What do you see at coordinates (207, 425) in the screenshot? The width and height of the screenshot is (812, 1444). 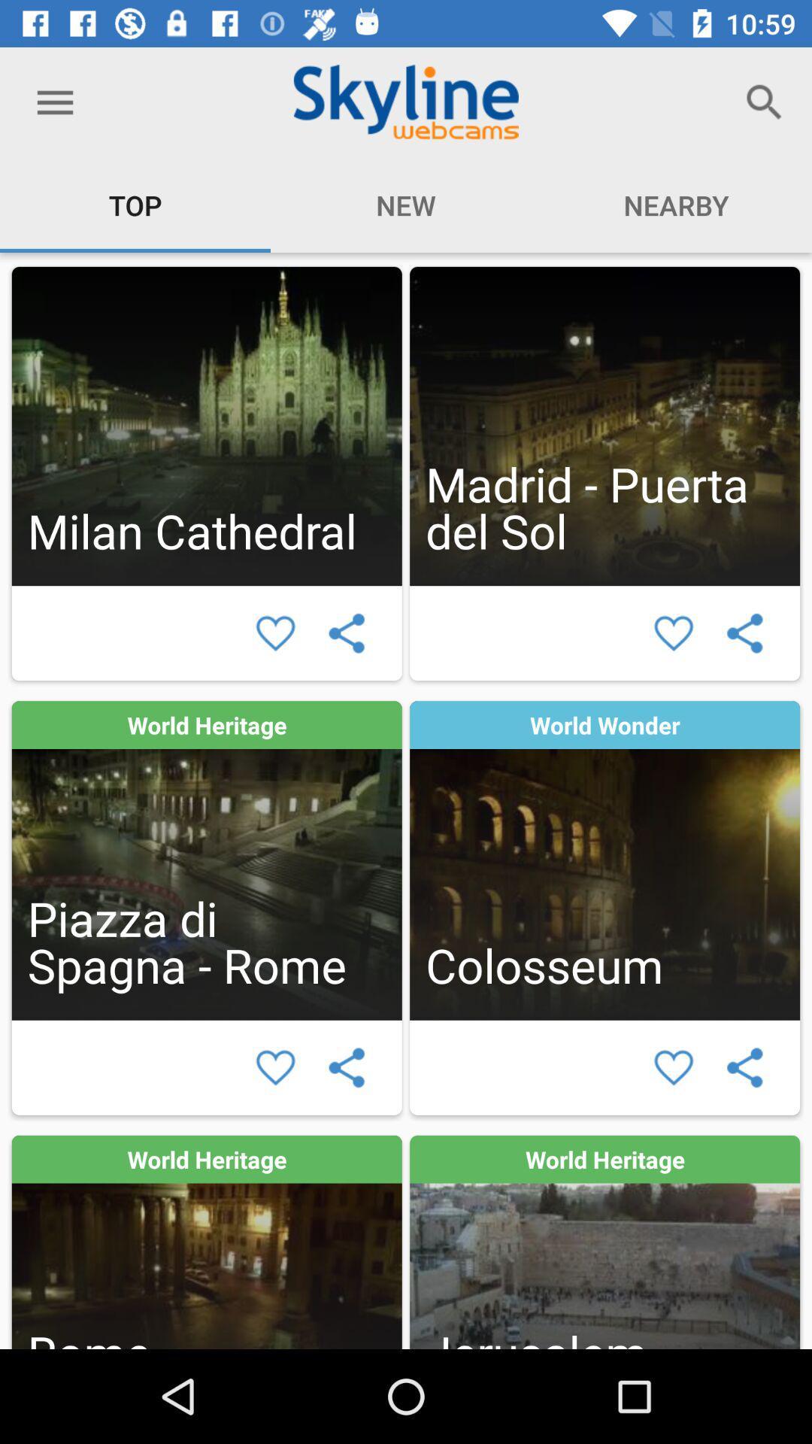 I see `webcam` at bounding box center [207, 425].